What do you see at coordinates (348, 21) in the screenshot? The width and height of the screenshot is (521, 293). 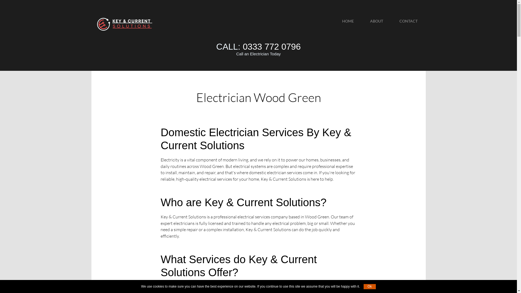 I see `'HOME'` at bounding box center [348, 21].